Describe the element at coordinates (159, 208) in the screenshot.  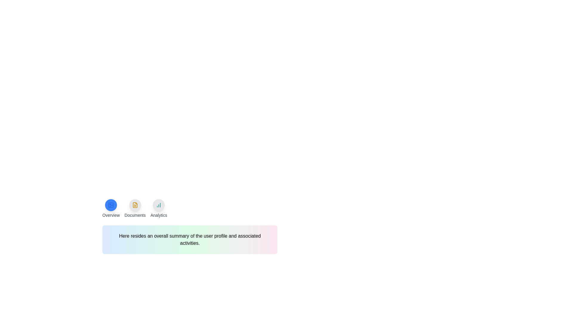
I see `the Analytics navigation button, which features a circular area with a gray background and a text label below reading 'Analytics'` at that location.